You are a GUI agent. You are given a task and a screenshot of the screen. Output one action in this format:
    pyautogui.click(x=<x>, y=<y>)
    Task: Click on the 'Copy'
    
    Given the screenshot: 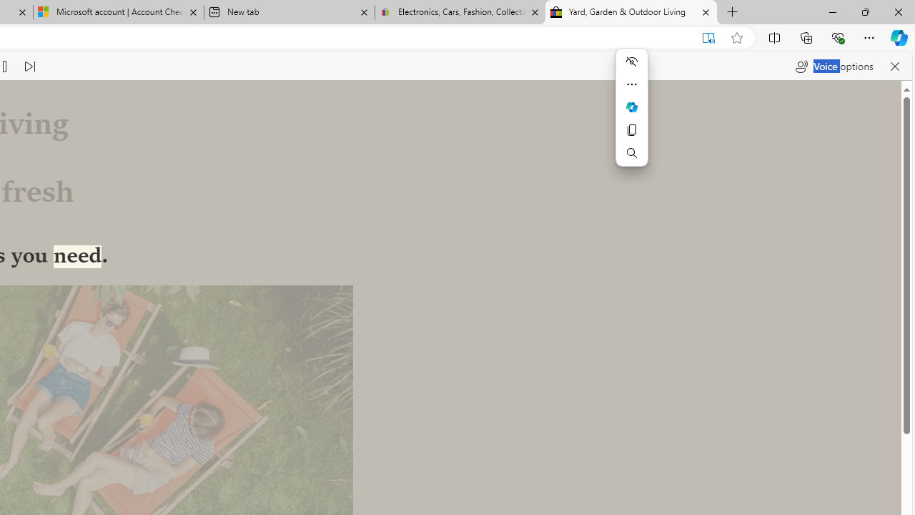 What is the action you would take?
    pyautogui.click(x=630, y=130)
    